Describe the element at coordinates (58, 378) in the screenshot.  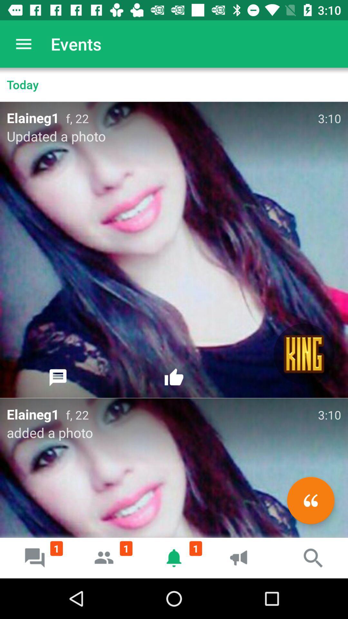
I see `the item on the left` at that location.